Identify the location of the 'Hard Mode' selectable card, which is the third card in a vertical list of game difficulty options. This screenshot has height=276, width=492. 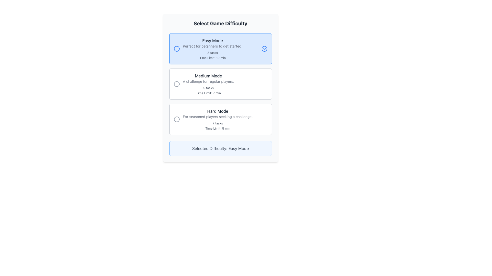
(220, 119).